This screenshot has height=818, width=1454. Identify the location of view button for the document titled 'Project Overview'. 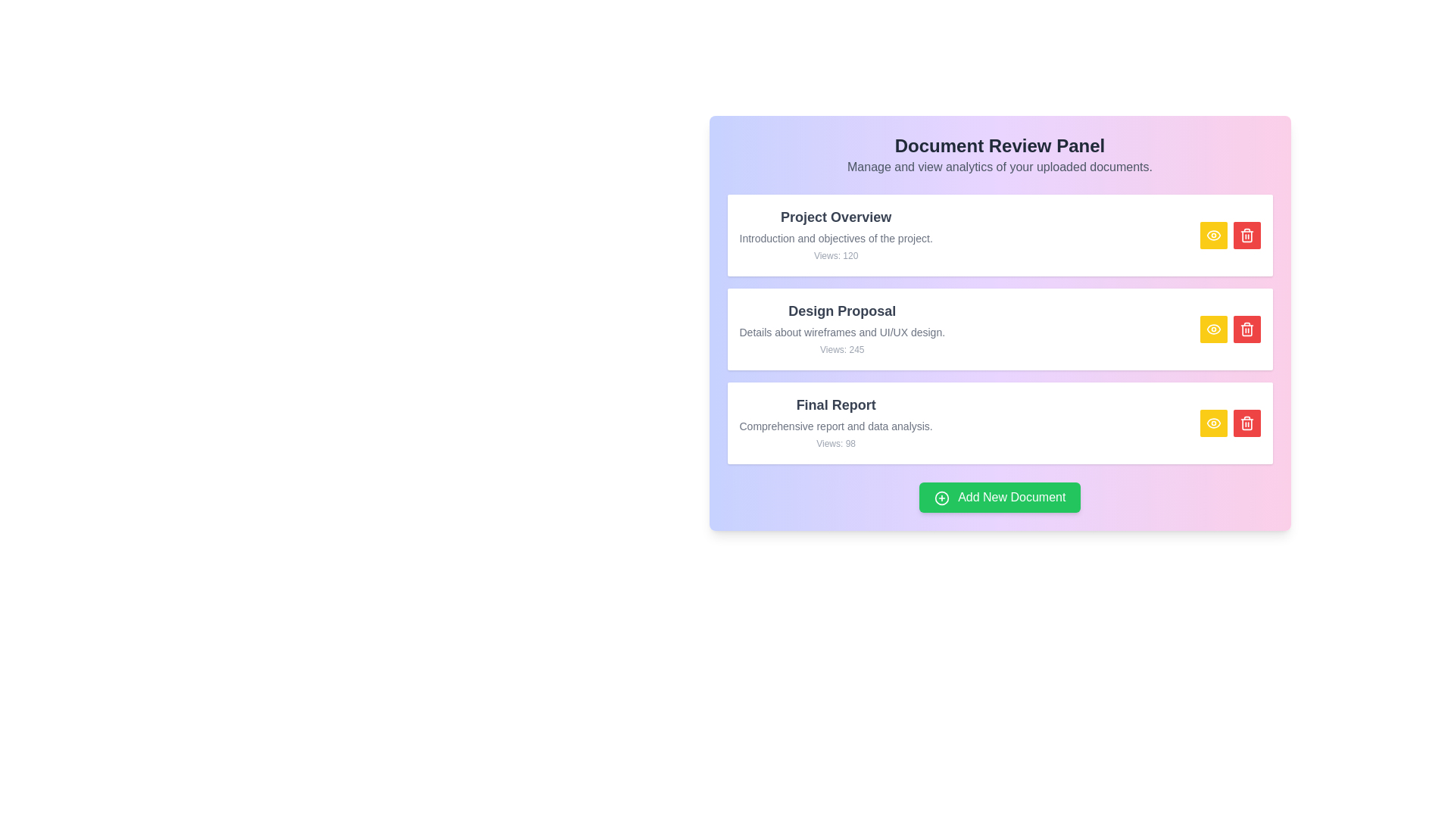
(1213, 236).